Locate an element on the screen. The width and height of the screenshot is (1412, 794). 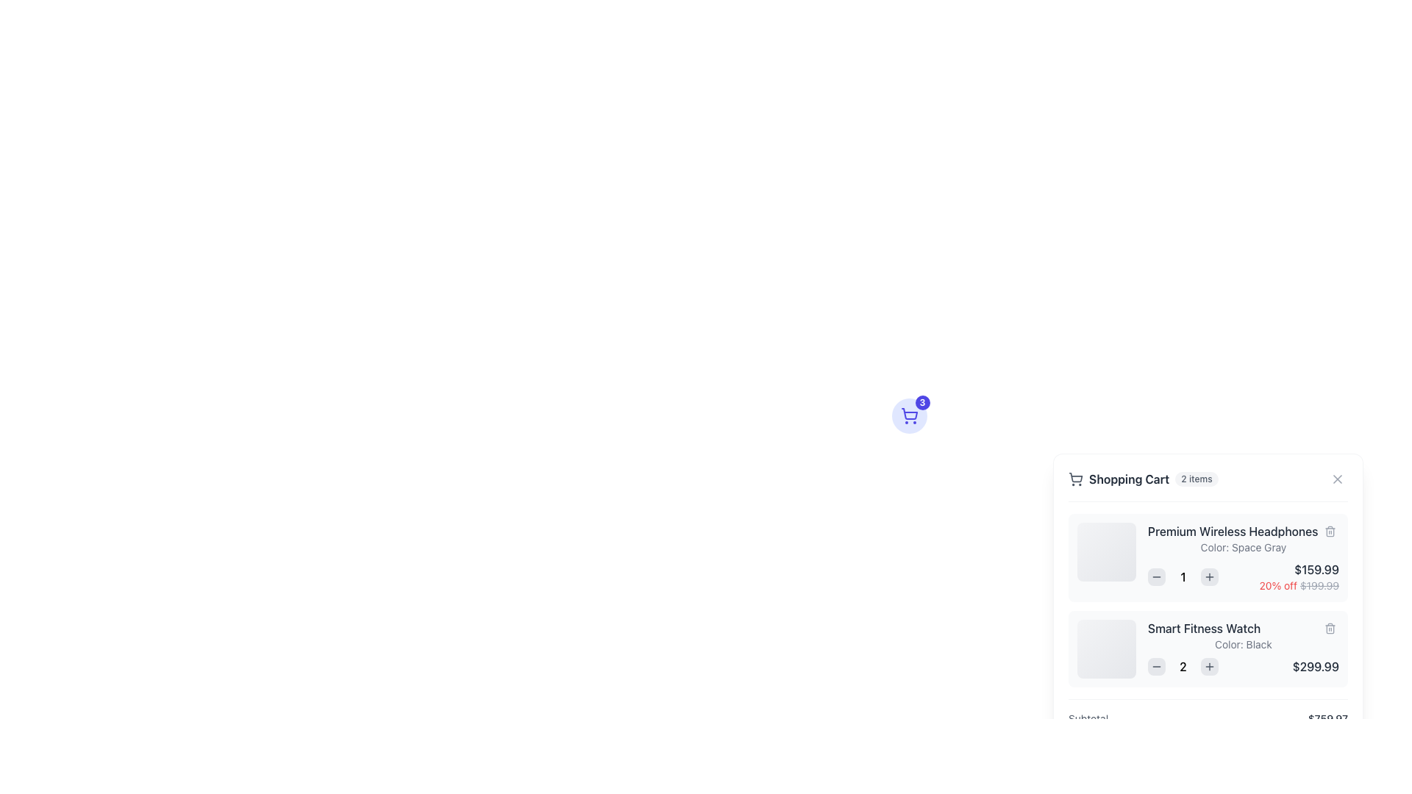
the monetary value display showing '$759.97' in dark gray, located in the lower-right corner of the shopping cart modal, adjacent to the 'Subtotal' label is located at coordinates (1327, 718).